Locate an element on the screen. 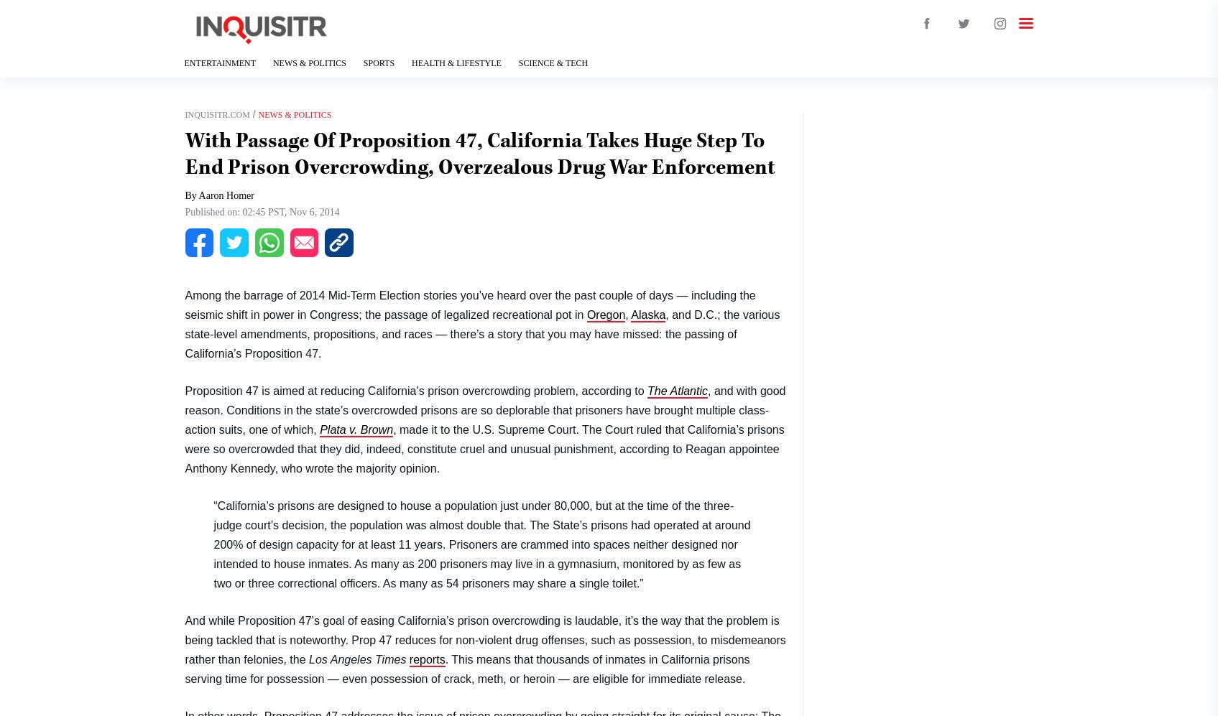 The width and height of the screenshot is (1218, 716). '. This means that thousands of inmates in California prisons serving time for possession — even possession of crack, meth, or heroin — are eligible for immediate release.' is located at coordinates (466, 668).